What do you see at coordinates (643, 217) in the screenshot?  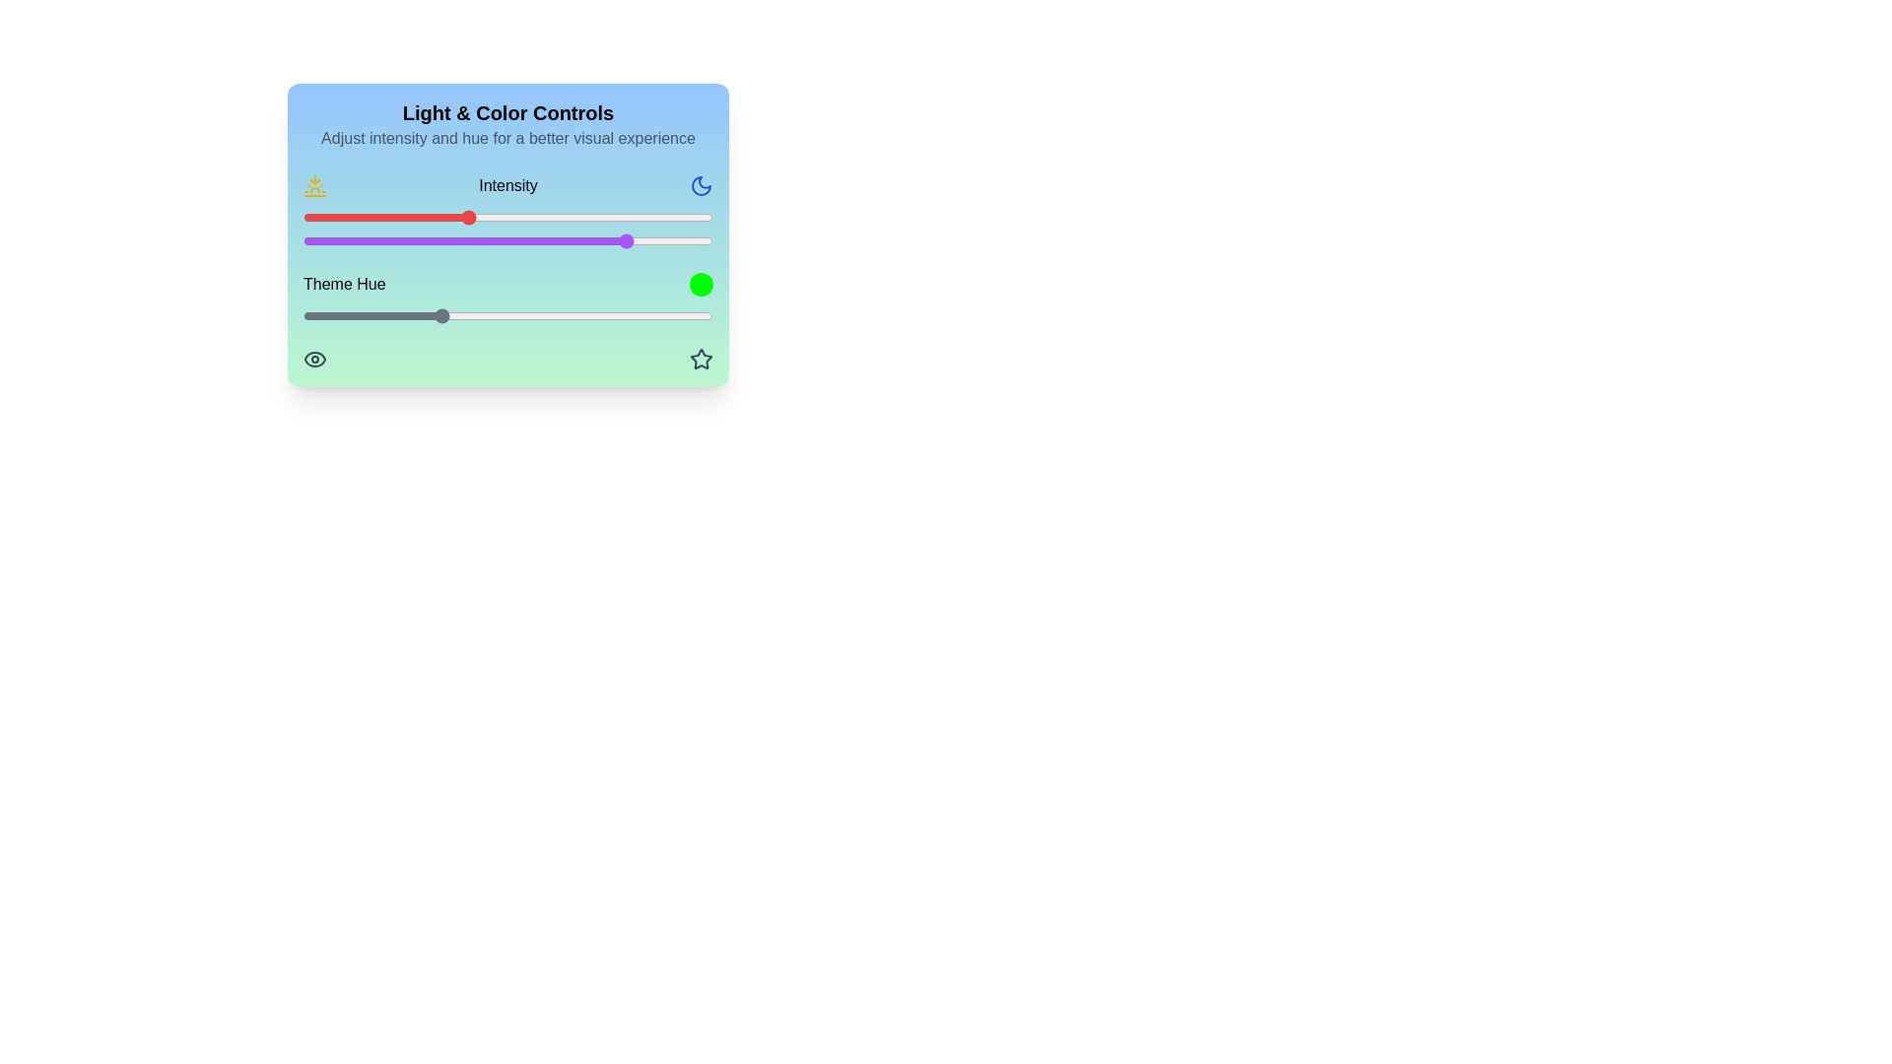 I see `intensity` at bounding box center [643, 217].